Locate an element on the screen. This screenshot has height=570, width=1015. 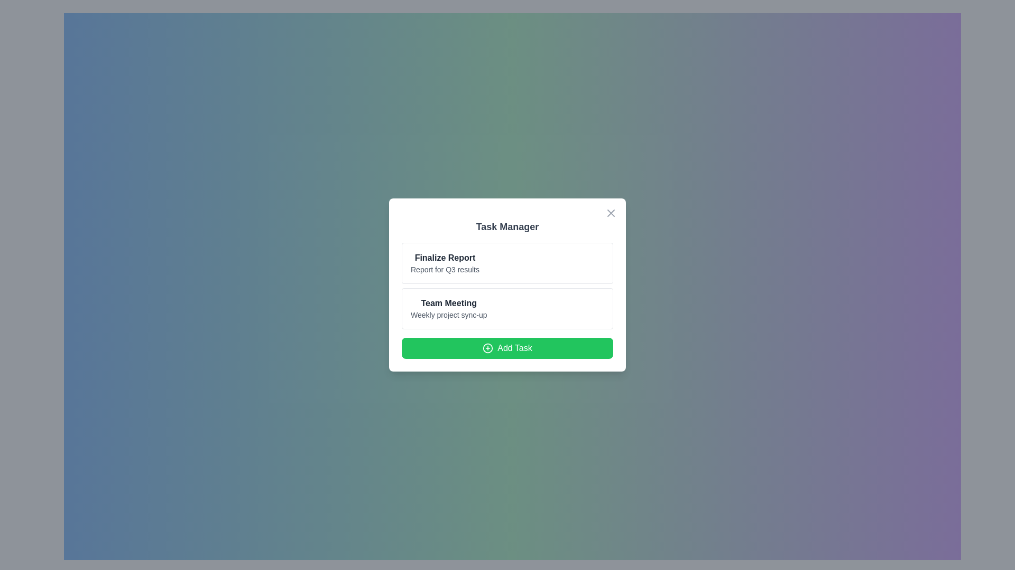
the static text label displaying 'Team Meeting' in bold dark gray font, which is positioned above the subtitle 'Weekly project sync-up' in the 'Task Manager' modal is located at coordinates (449, 303).